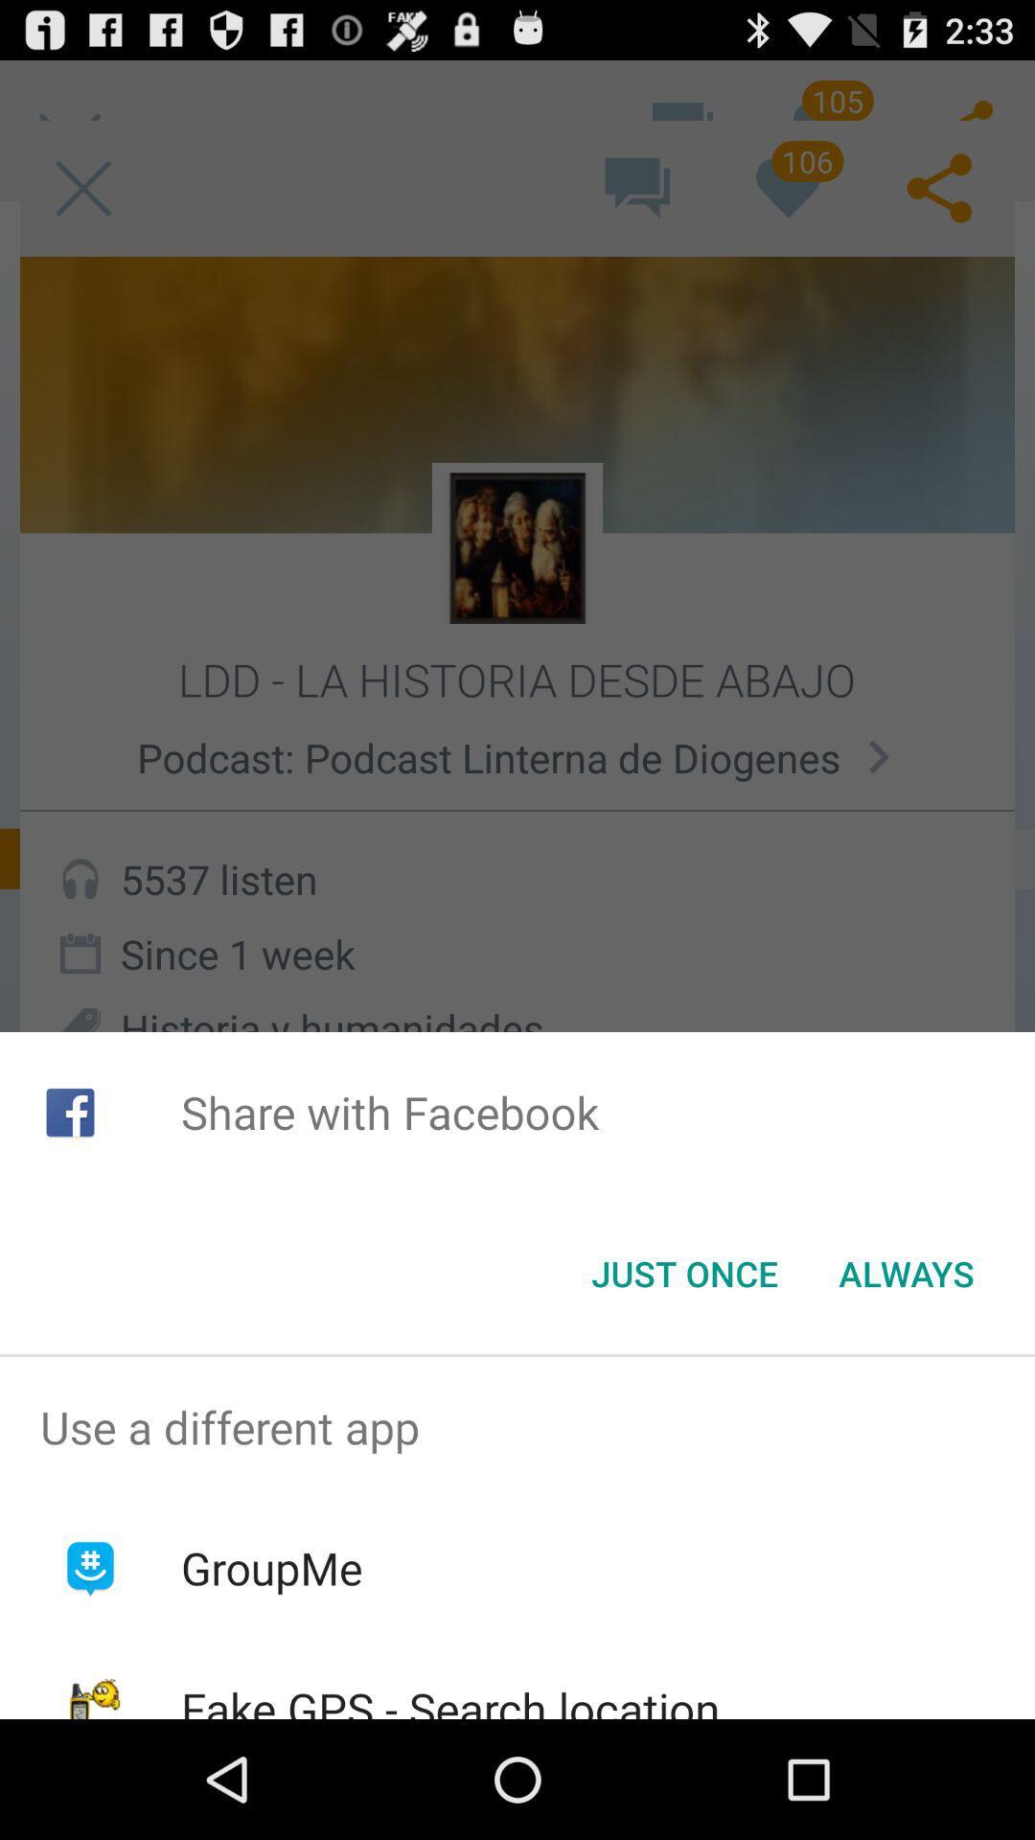 This screenshot has width=1035, height=1840. Describe the element at coordinates (683, 1274) in the screenshot. I see `the icon next to always` at that location.